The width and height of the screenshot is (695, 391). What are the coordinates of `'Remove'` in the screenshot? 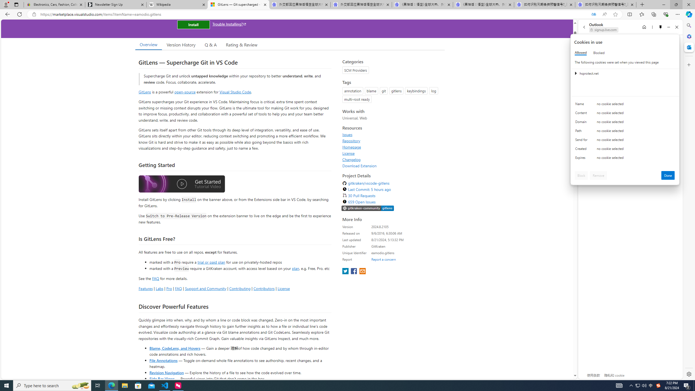 It's located at (598, 175).